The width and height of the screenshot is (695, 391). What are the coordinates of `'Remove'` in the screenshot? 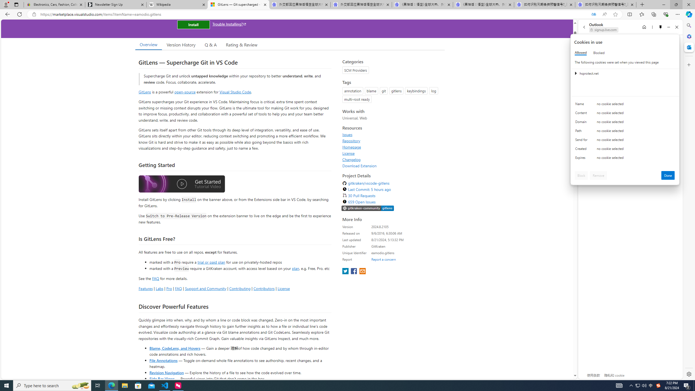 It's located at (598, 175).